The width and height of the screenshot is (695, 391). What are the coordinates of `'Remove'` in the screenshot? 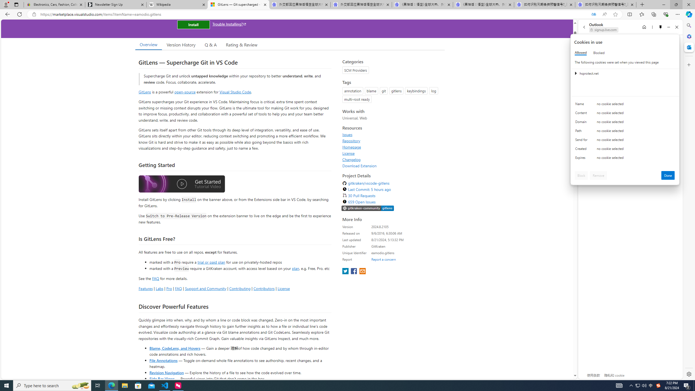 It's located at (598, 175).